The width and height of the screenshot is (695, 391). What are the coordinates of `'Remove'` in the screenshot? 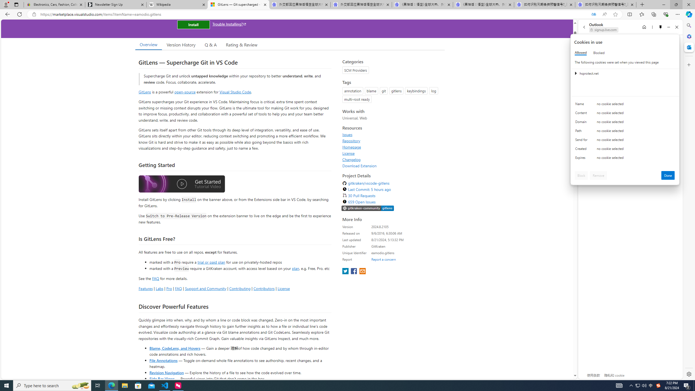 It's located at (598, 175).